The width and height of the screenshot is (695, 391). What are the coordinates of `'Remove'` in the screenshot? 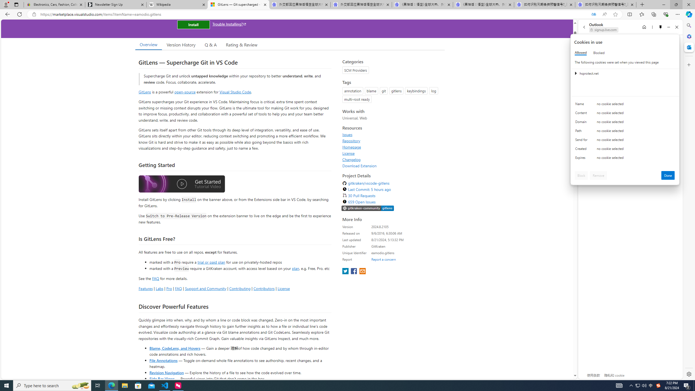 It's located at (598, 175).